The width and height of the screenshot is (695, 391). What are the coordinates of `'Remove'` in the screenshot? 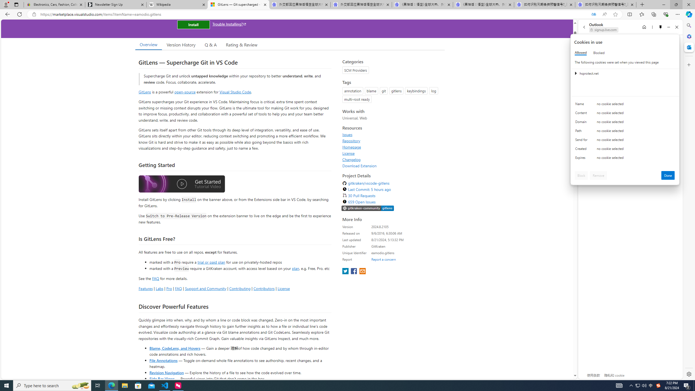 It's located at (598, 175).